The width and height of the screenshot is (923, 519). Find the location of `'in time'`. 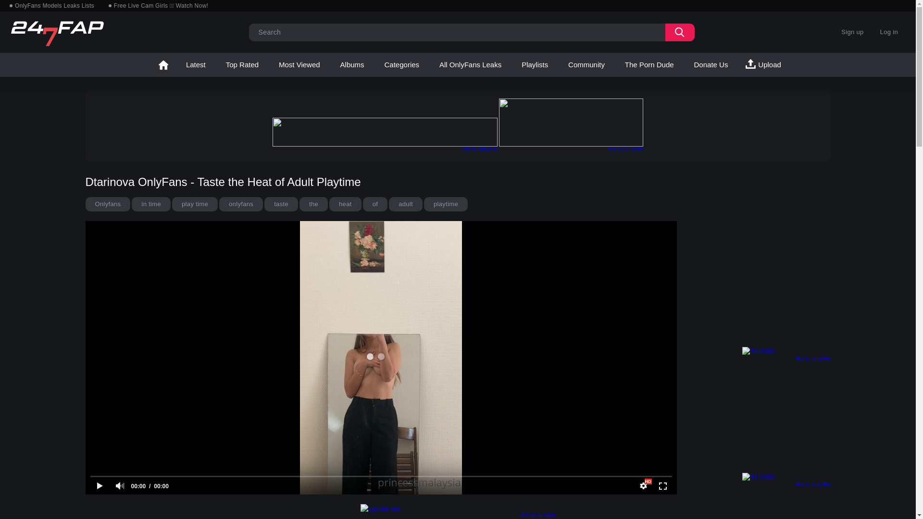

'in time' is located at coordinates (131, 203).